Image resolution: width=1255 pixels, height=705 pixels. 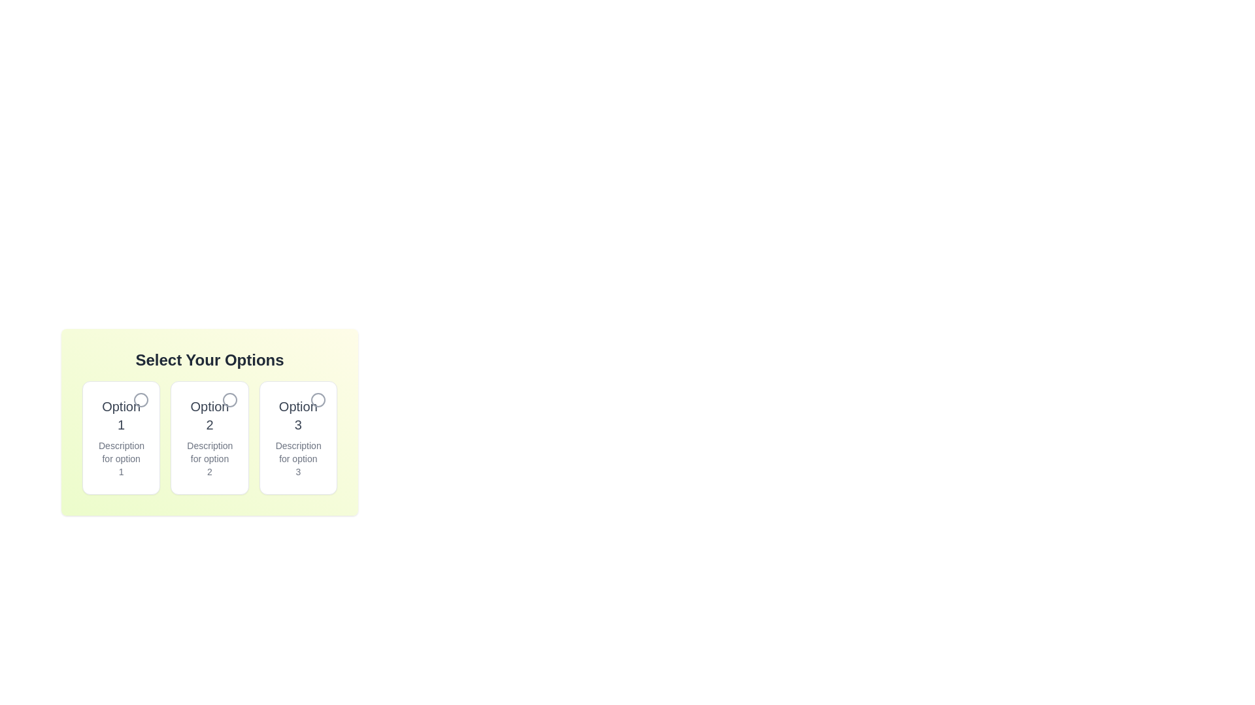 What do you see at coordinates (210, 360) in the screenshot?
I see `the header text labeled 'Select Your Options'` at bounding box center [210, 360].